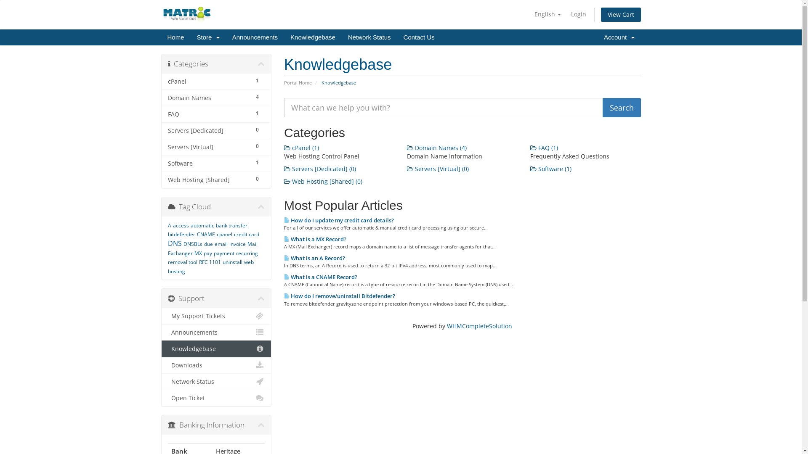 This screenshot has width=808, height=454. What do you see at coordinates (208, 253) in the screenshot?
I see `'pay'` at bounding box center [208, 253].